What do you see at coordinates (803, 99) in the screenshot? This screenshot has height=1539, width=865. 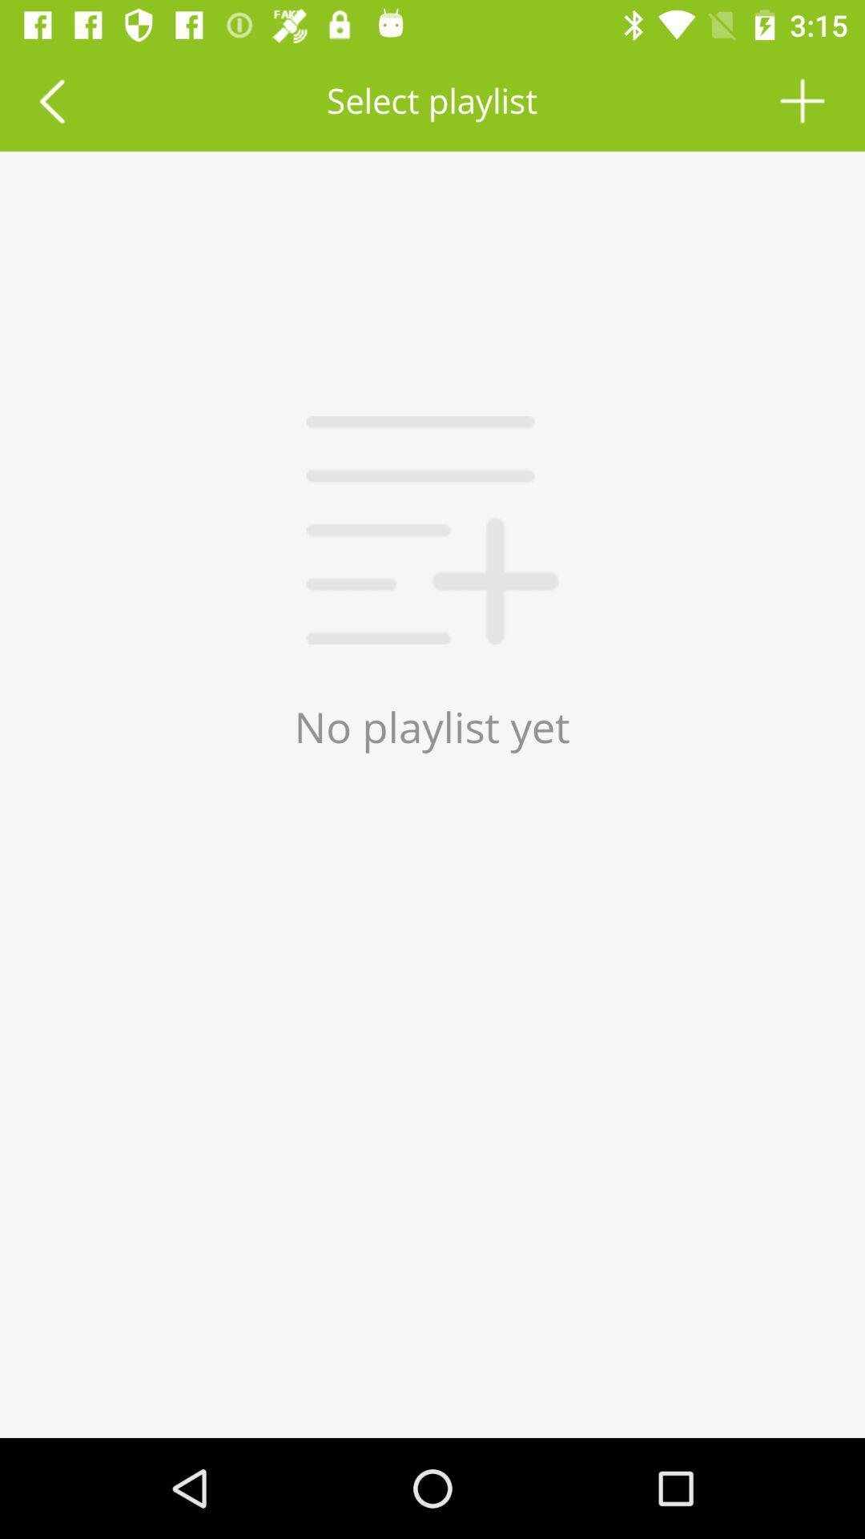 I see `the icon next to the select playlist` at bounding box center [803, 99].